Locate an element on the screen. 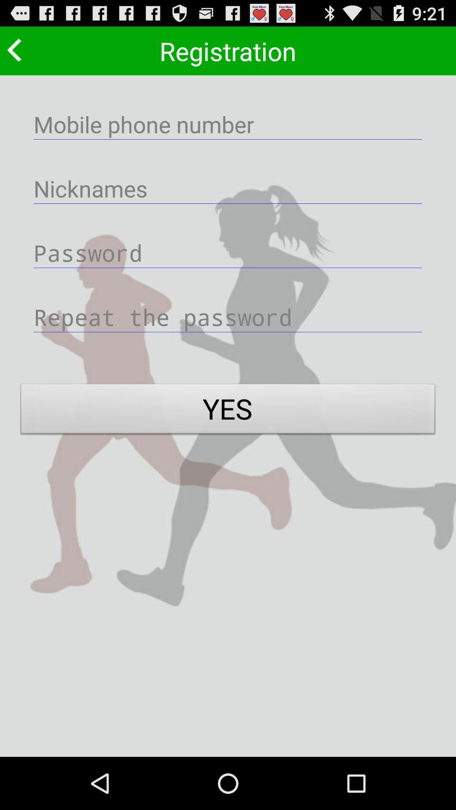 This screenshot has width=456, height=810. the arrow_backward icon is located at coordinates (16, 53).